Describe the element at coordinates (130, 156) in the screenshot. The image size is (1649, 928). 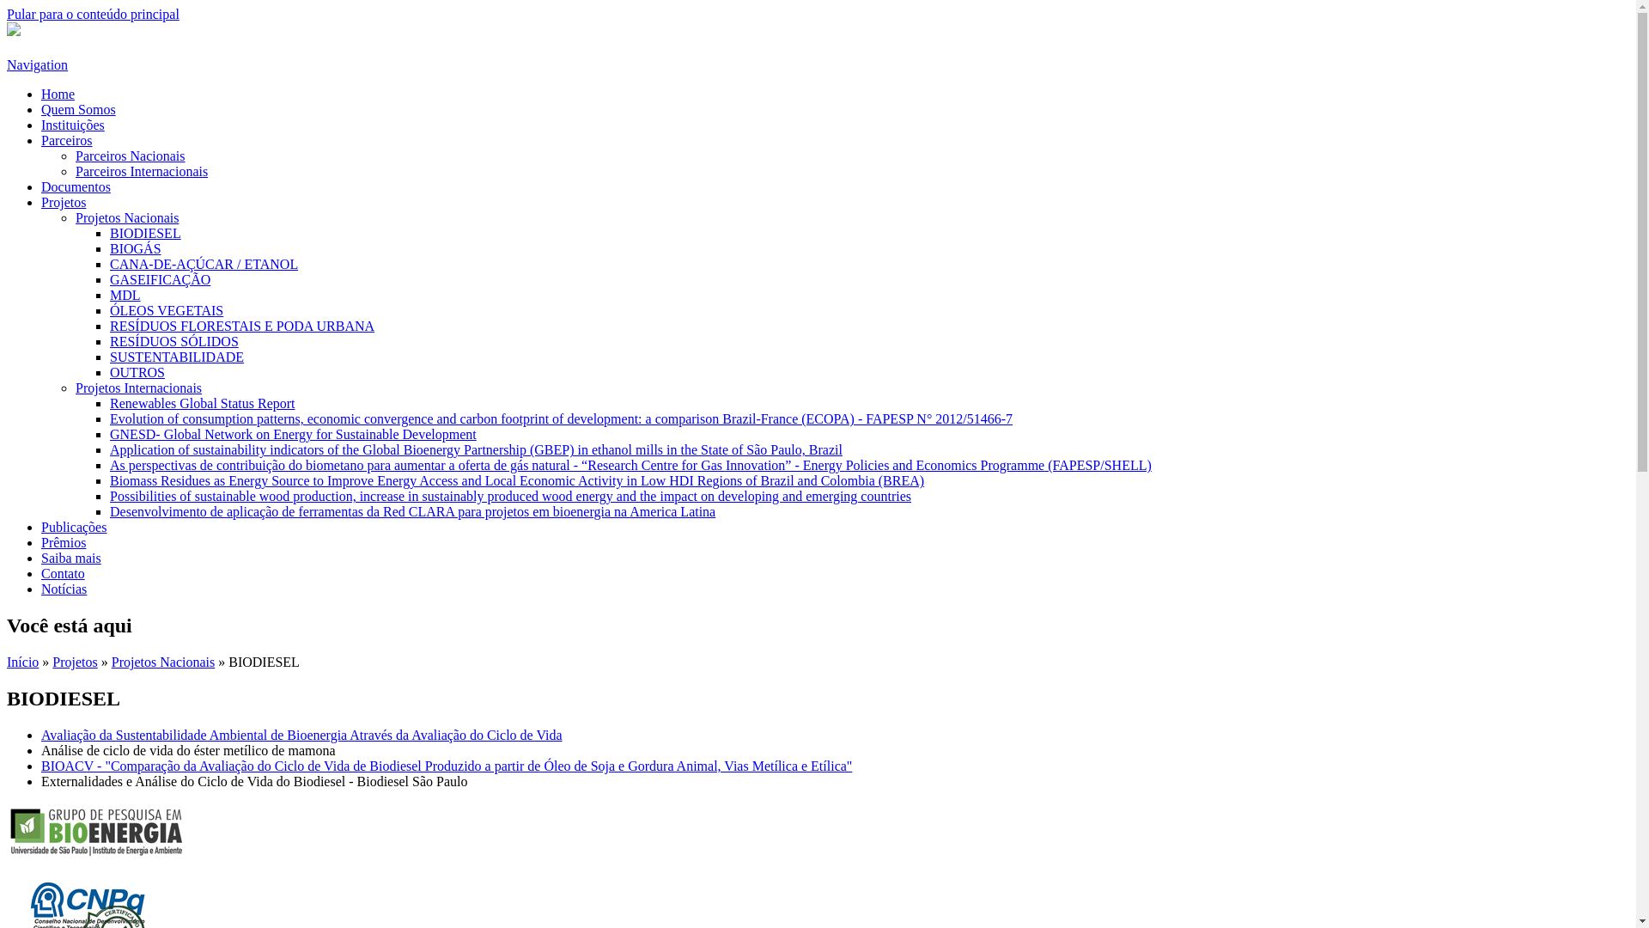
I see `'Parceiros Nacionais'` at that location.